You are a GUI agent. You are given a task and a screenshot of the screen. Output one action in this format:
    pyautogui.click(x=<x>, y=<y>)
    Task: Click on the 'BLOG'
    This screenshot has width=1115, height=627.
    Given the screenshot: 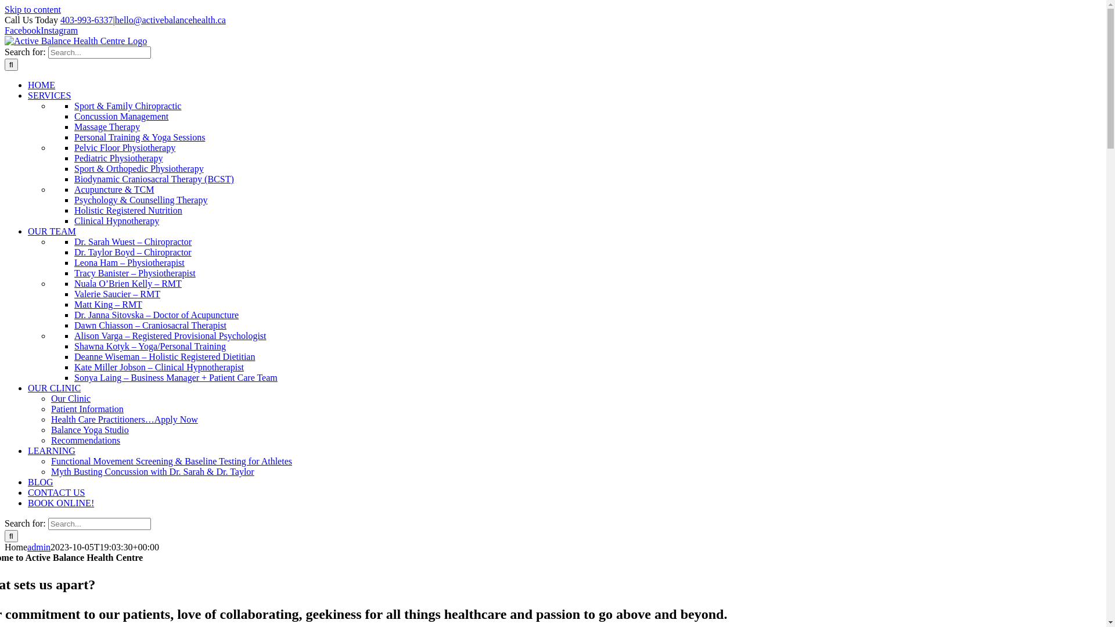 What is the action you would take?
    pyautogui.click(x=41, y=482)
    